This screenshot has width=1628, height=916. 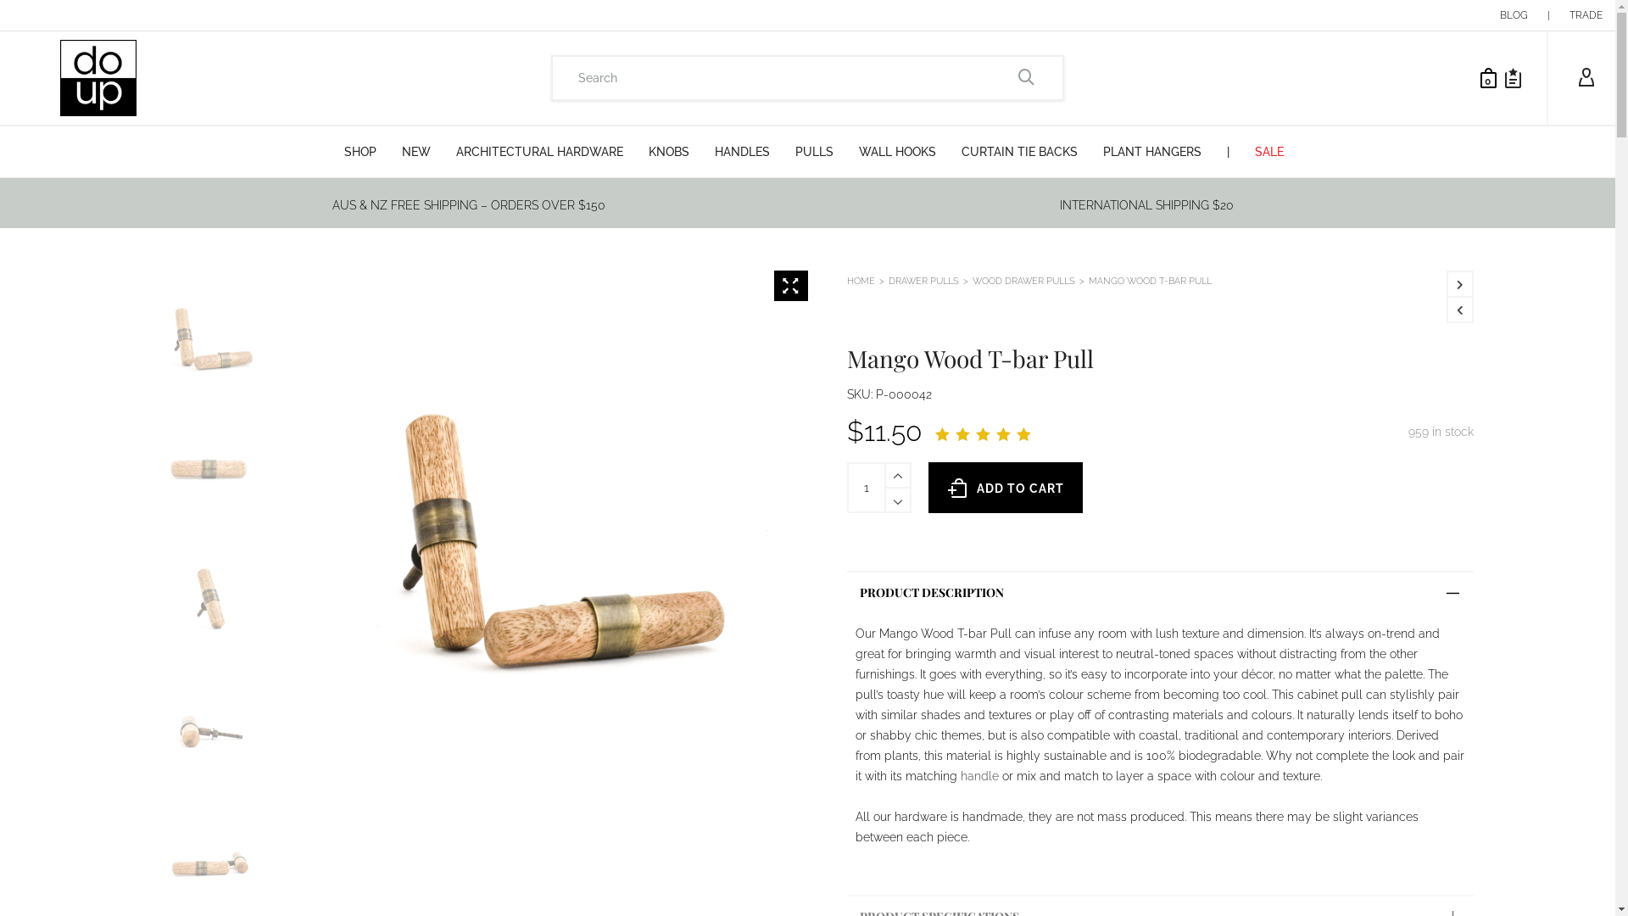 I want to click on 'WOOD DRAWER PULLS', so click(x=1023, y=280).